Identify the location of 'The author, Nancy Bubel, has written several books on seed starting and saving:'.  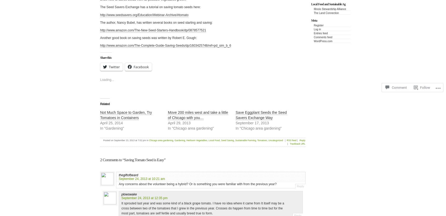
(156, 22).